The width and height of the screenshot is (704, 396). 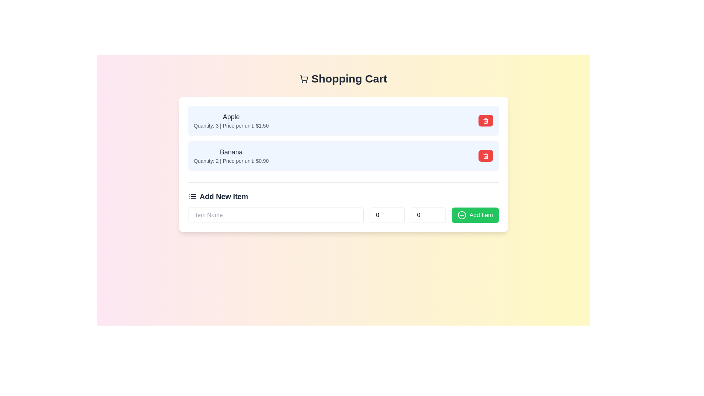 What do you see at coordinates (428, 214) in the screenshot?
I see `the numeric input field labeled 'Price' to focus on it for entering a value` at bounding box center [428, 214].